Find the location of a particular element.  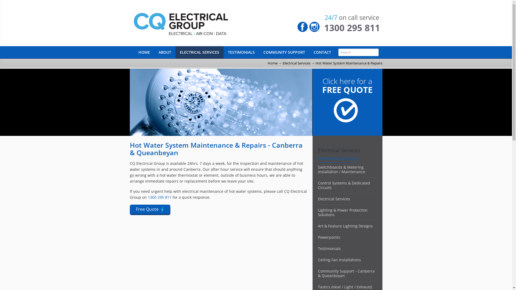

'CONTACT' is located at coordinates (322, 52).